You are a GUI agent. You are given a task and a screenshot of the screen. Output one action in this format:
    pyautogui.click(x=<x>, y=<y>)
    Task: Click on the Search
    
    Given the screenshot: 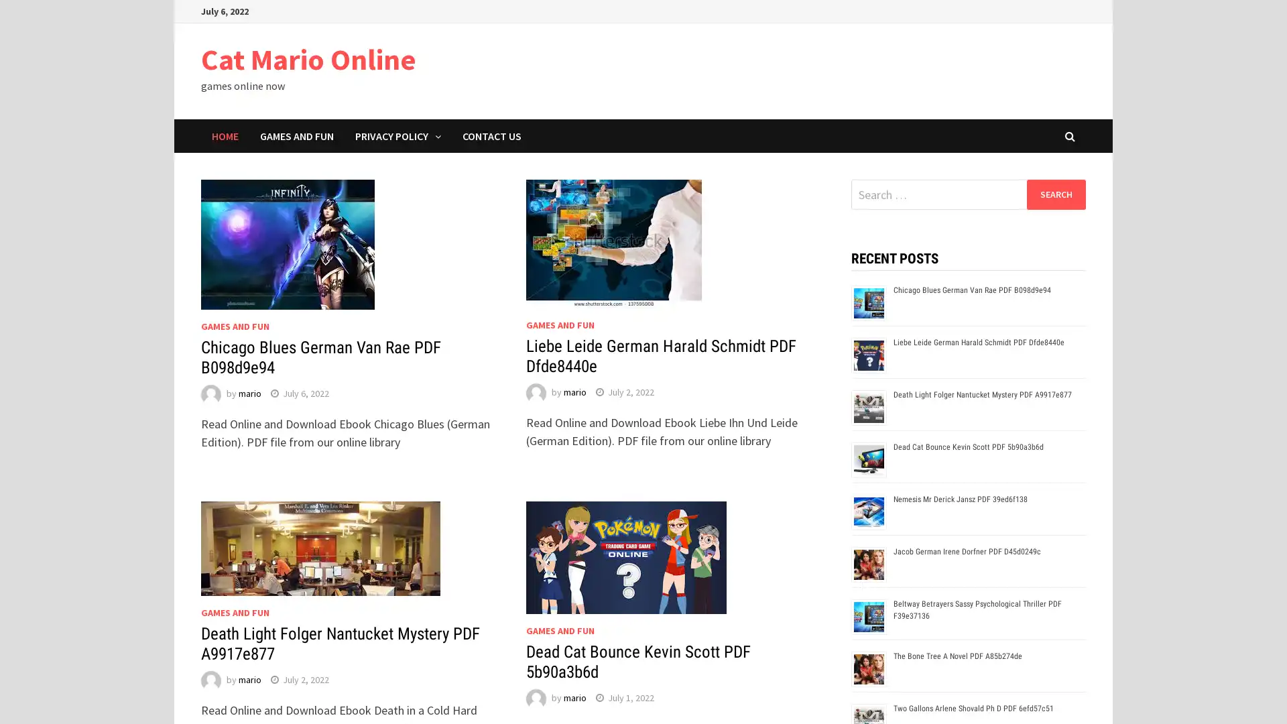 What is the action you would take?
    pyautogui.click(x=1055, y=194)
    